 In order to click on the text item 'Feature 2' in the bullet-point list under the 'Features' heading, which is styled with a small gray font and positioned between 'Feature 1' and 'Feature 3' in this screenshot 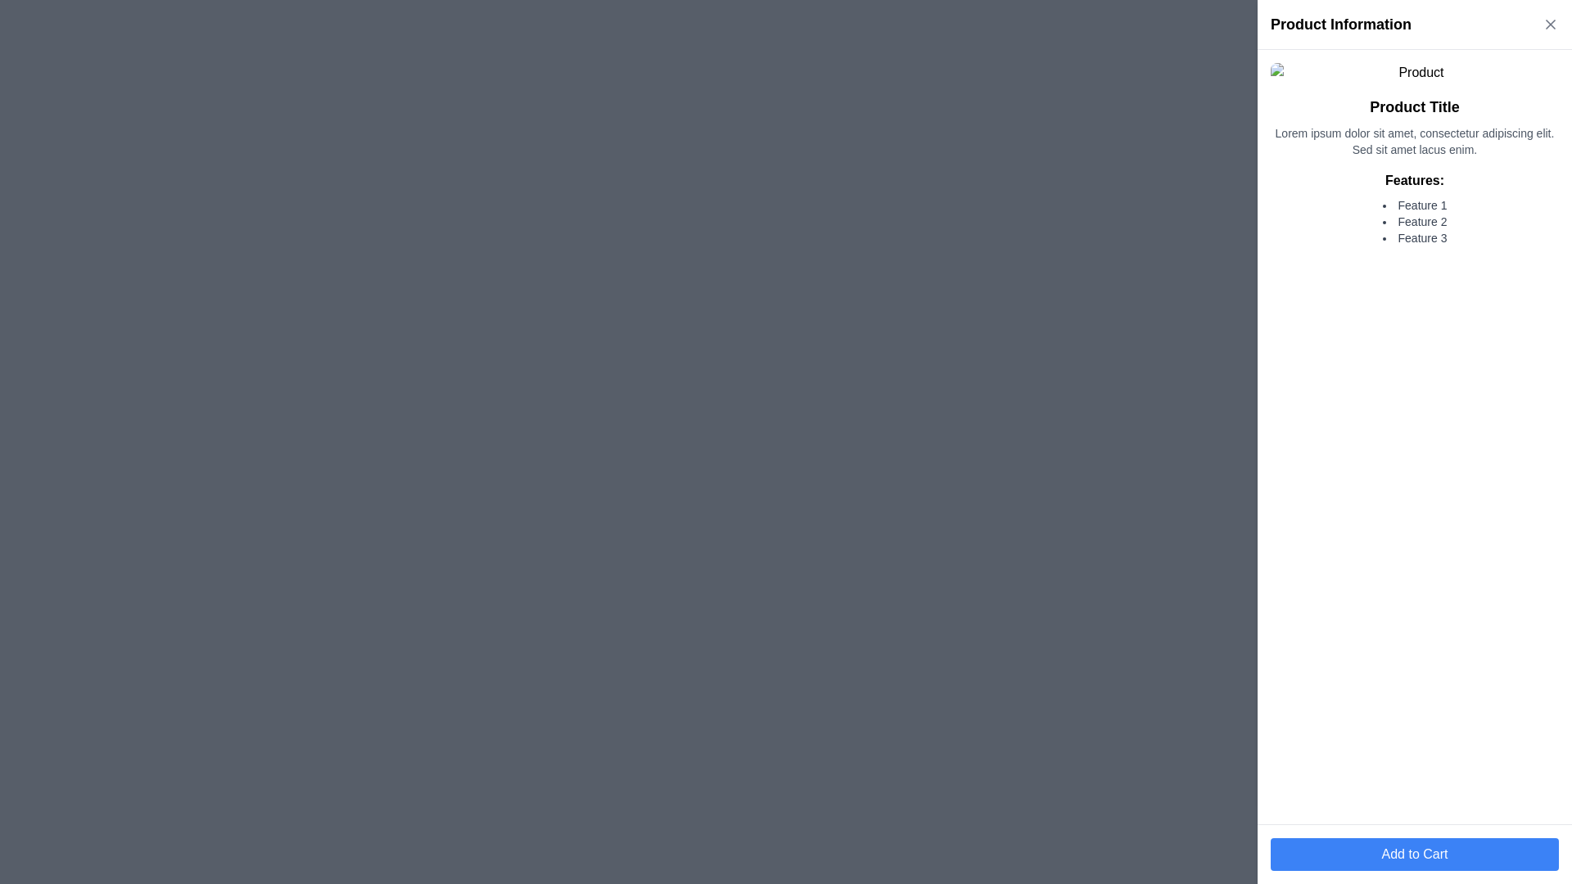, I will do `click(1414, 221)`.